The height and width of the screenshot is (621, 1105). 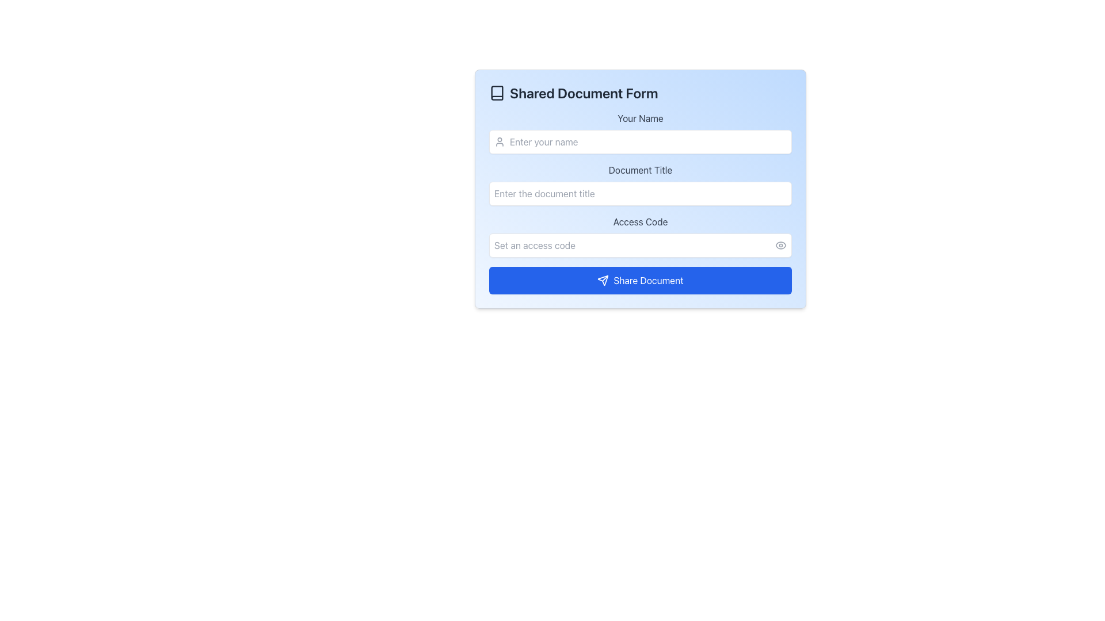 What do you see at coordinates (781, 245) in the screenshot?
I see `the small circular eye icon button, located at the top-right corner of the access code input field in the 'Shared Document Form'` at bounding box center [781, 245].